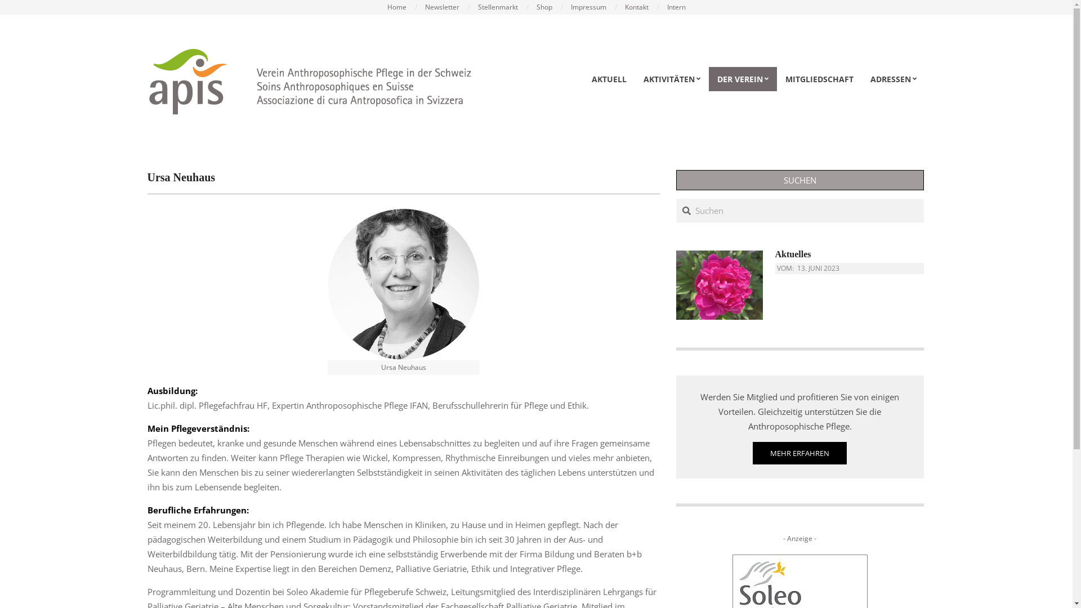  I want to click on 'AKTUELL', so click(608, 78).